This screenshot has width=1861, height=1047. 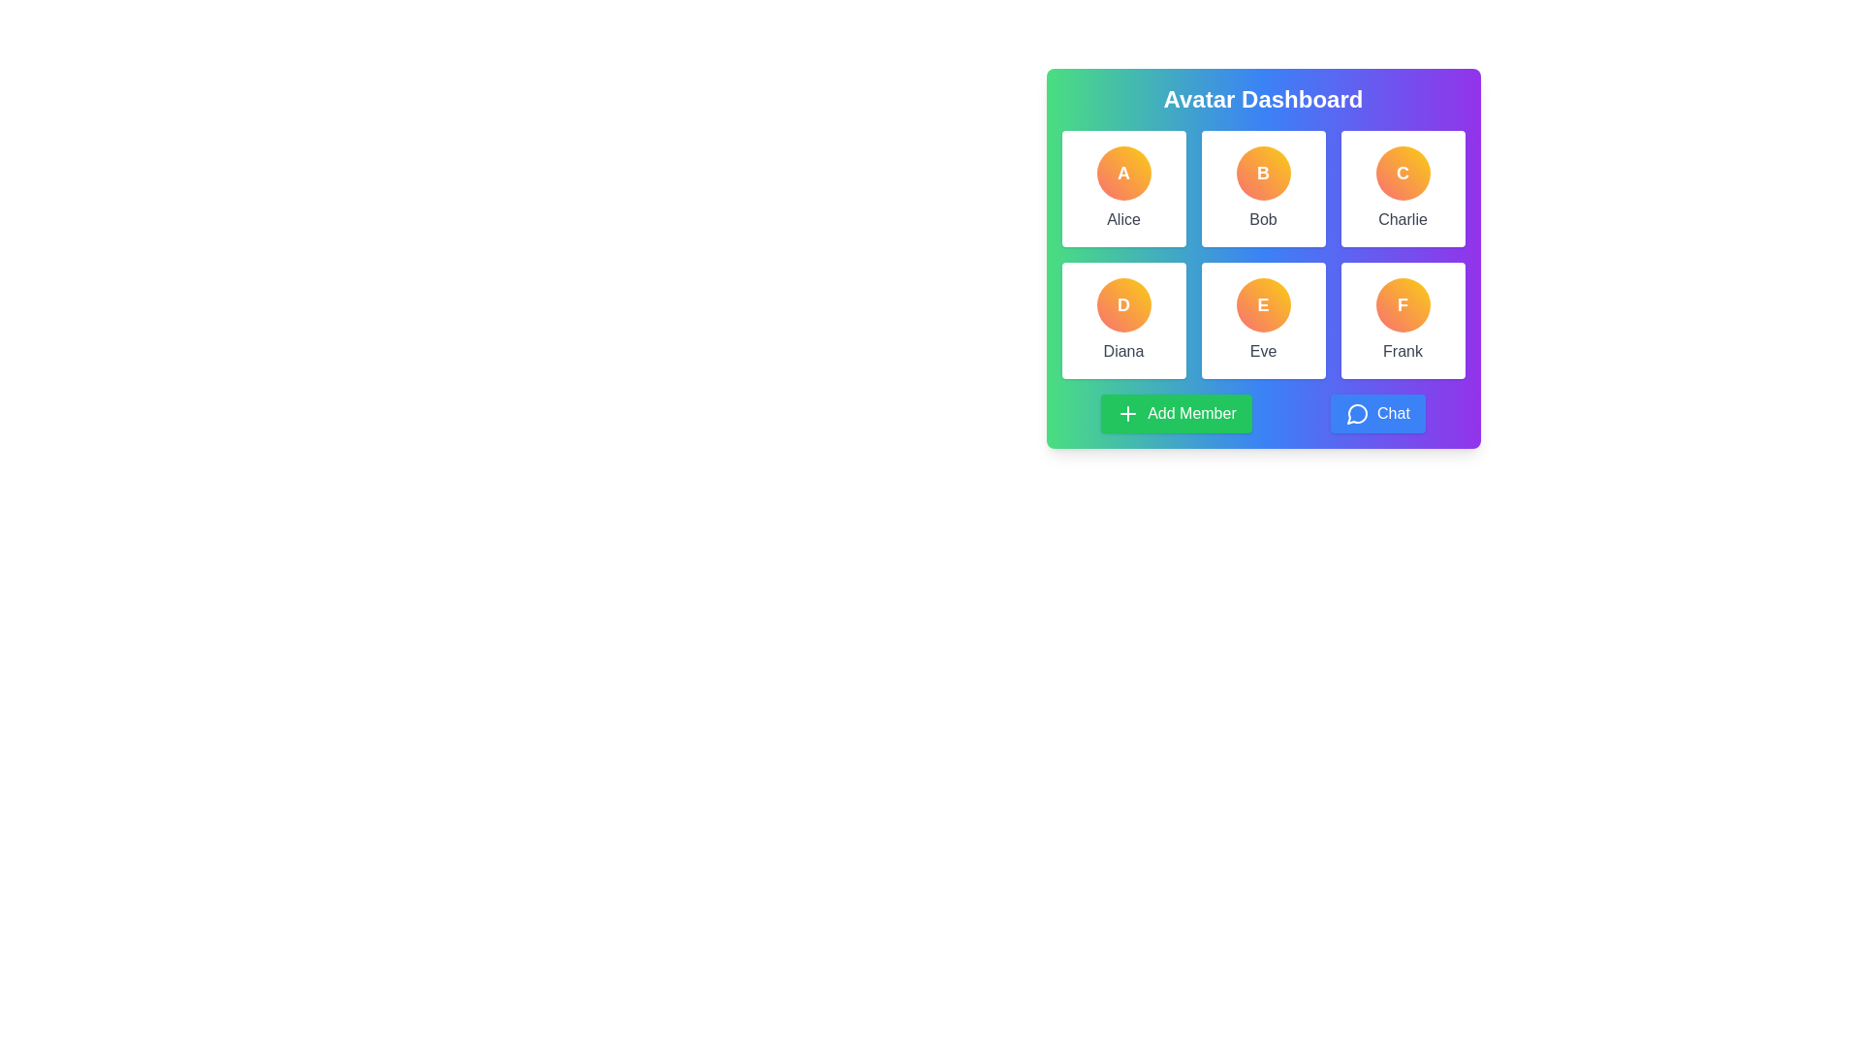 What do you see at coordinates (1263, 219) in the screenshot?
I see `text label displaying the name 'Bob' located at the bottom of the card beneath the avatar marked with 'B', positioned in the top-center of a 3x2 grid within the dashboard` at bounding box center [1263, 219].